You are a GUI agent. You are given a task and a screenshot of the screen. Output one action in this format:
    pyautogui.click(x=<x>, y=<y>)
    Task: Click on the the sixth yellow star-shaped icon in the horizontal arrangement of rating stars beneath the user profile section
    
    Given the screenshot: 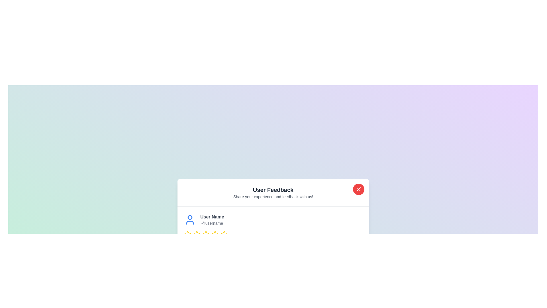 What is the action you would take?
    pyautogui.click(x=215, y=234)
    